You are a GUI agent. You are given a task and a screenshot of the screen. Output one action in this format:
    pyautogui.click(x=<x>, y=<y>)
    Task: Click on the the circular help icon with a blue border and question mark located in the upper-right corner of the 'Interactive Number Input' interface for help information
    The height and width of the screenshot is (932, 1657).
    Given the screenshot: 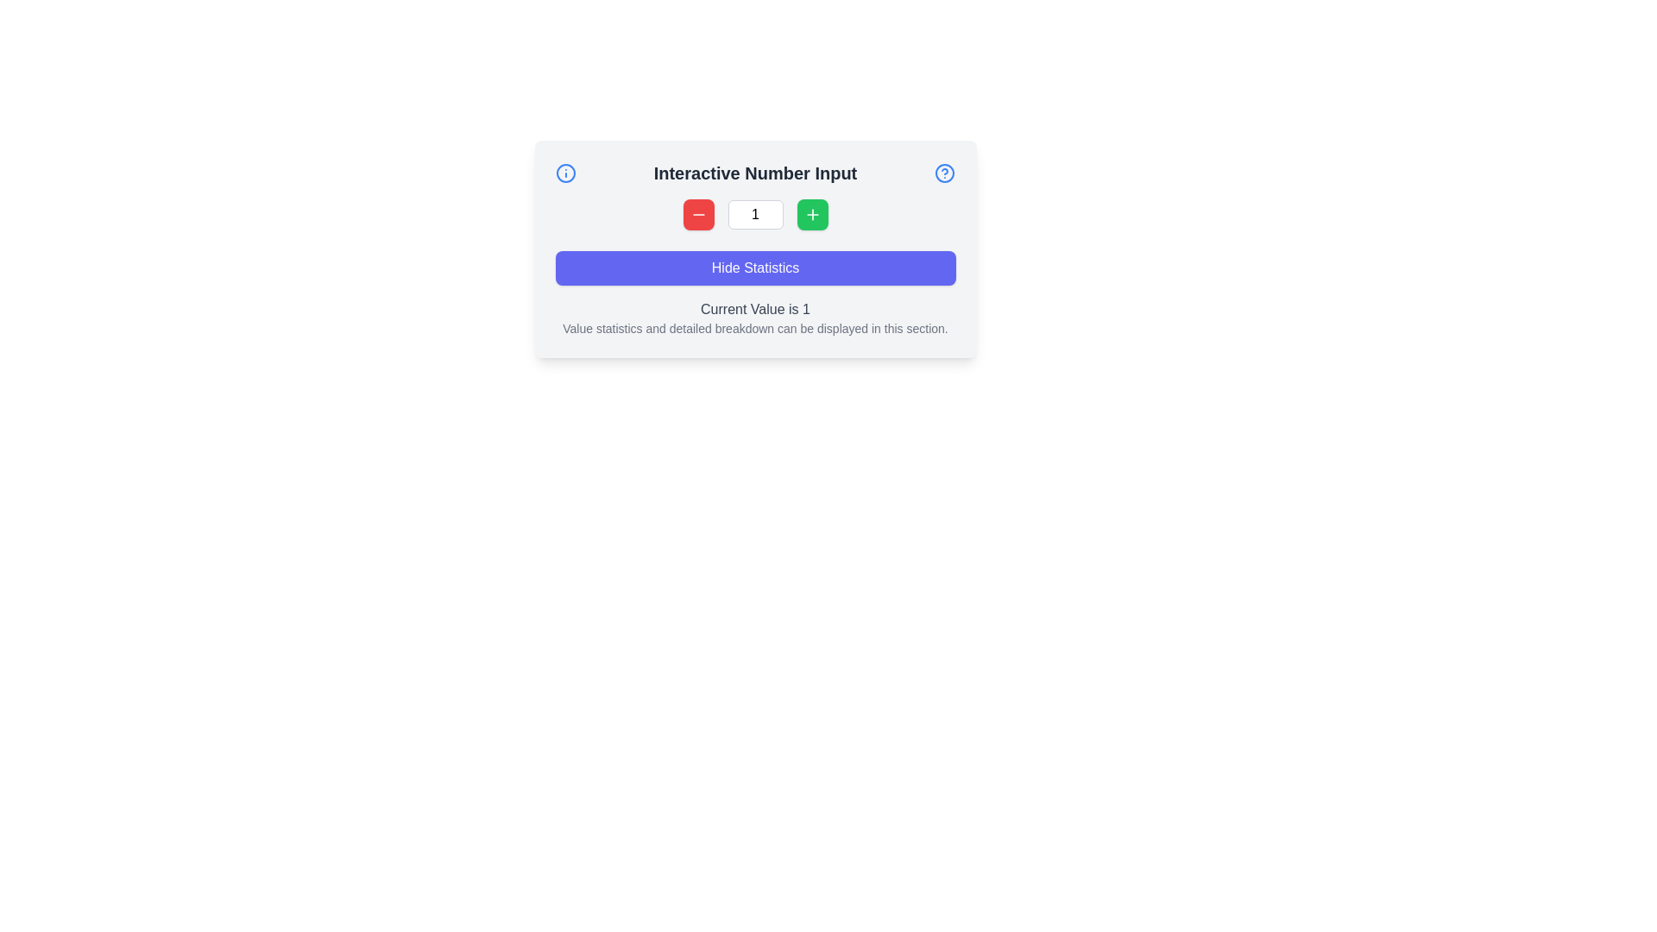 What is the action you would take?
    pyautogui.click(x=944, y=173)
    